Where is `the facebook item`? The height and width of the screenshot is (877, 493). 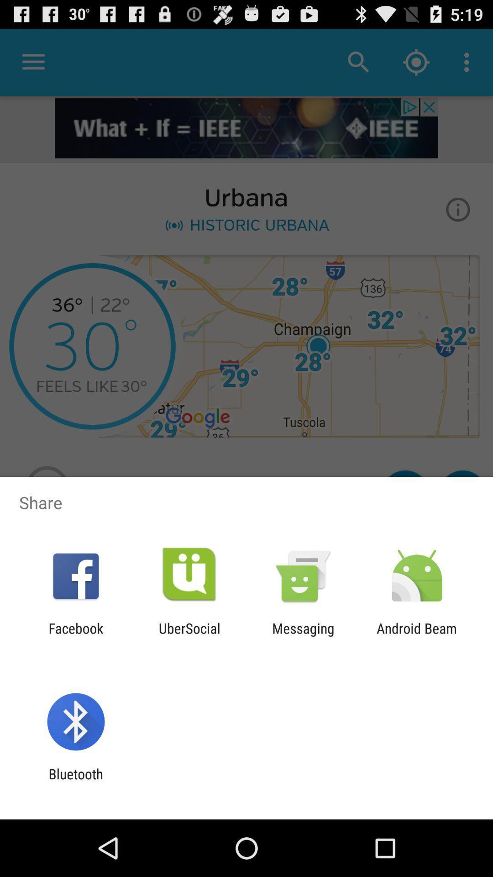 the facebook item is located at coordinates (75, 636).